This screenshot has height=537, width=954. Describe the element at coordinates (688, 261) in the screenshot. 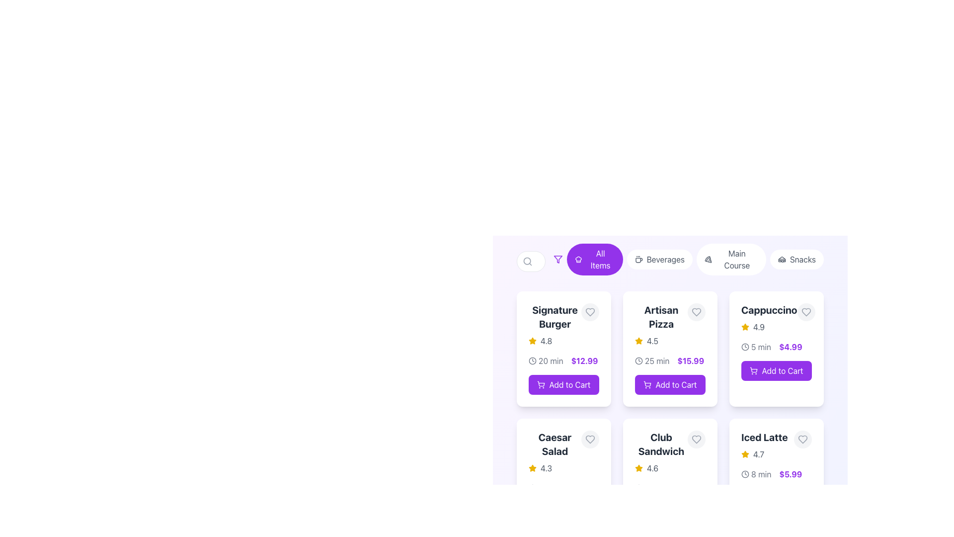

I see `the 'Beverages' button in the horizontal button group` at that location.